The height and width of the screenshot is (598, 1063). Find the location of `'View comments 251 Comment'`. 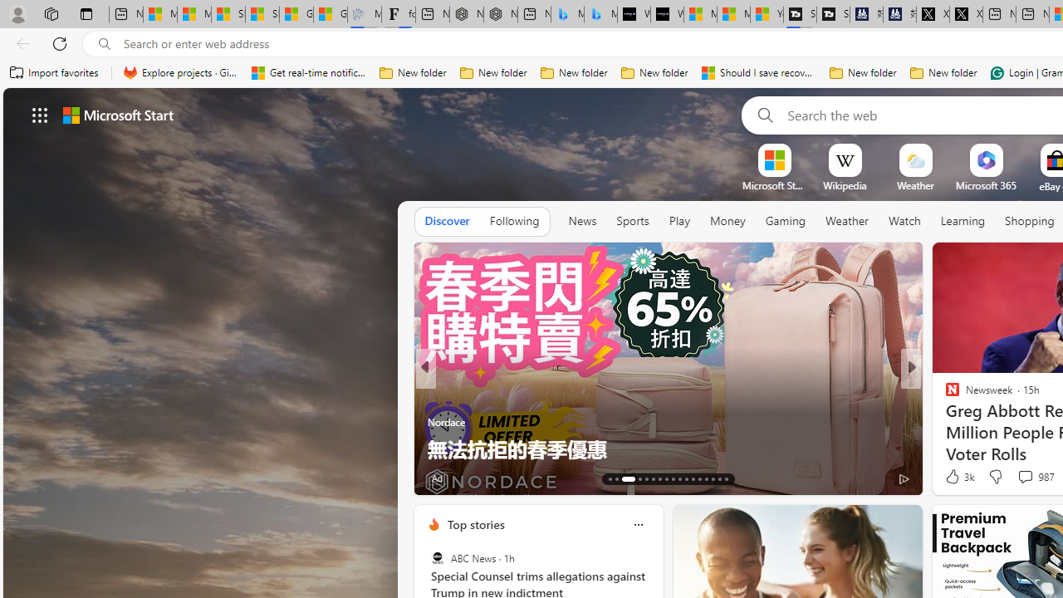

'View comments 251 Comment' is located at coordinates (1025, 478).